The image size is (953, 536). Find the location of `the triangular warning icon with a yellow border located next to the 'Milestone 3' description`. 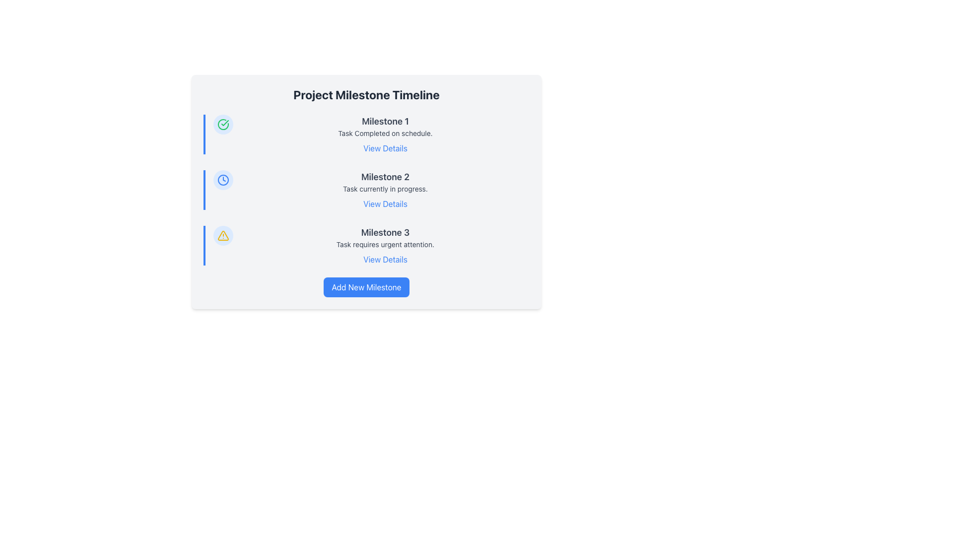

the triangular warning icon with a yellow border located next to the 'Milestone 3' description is located at coordinates (223, 235).